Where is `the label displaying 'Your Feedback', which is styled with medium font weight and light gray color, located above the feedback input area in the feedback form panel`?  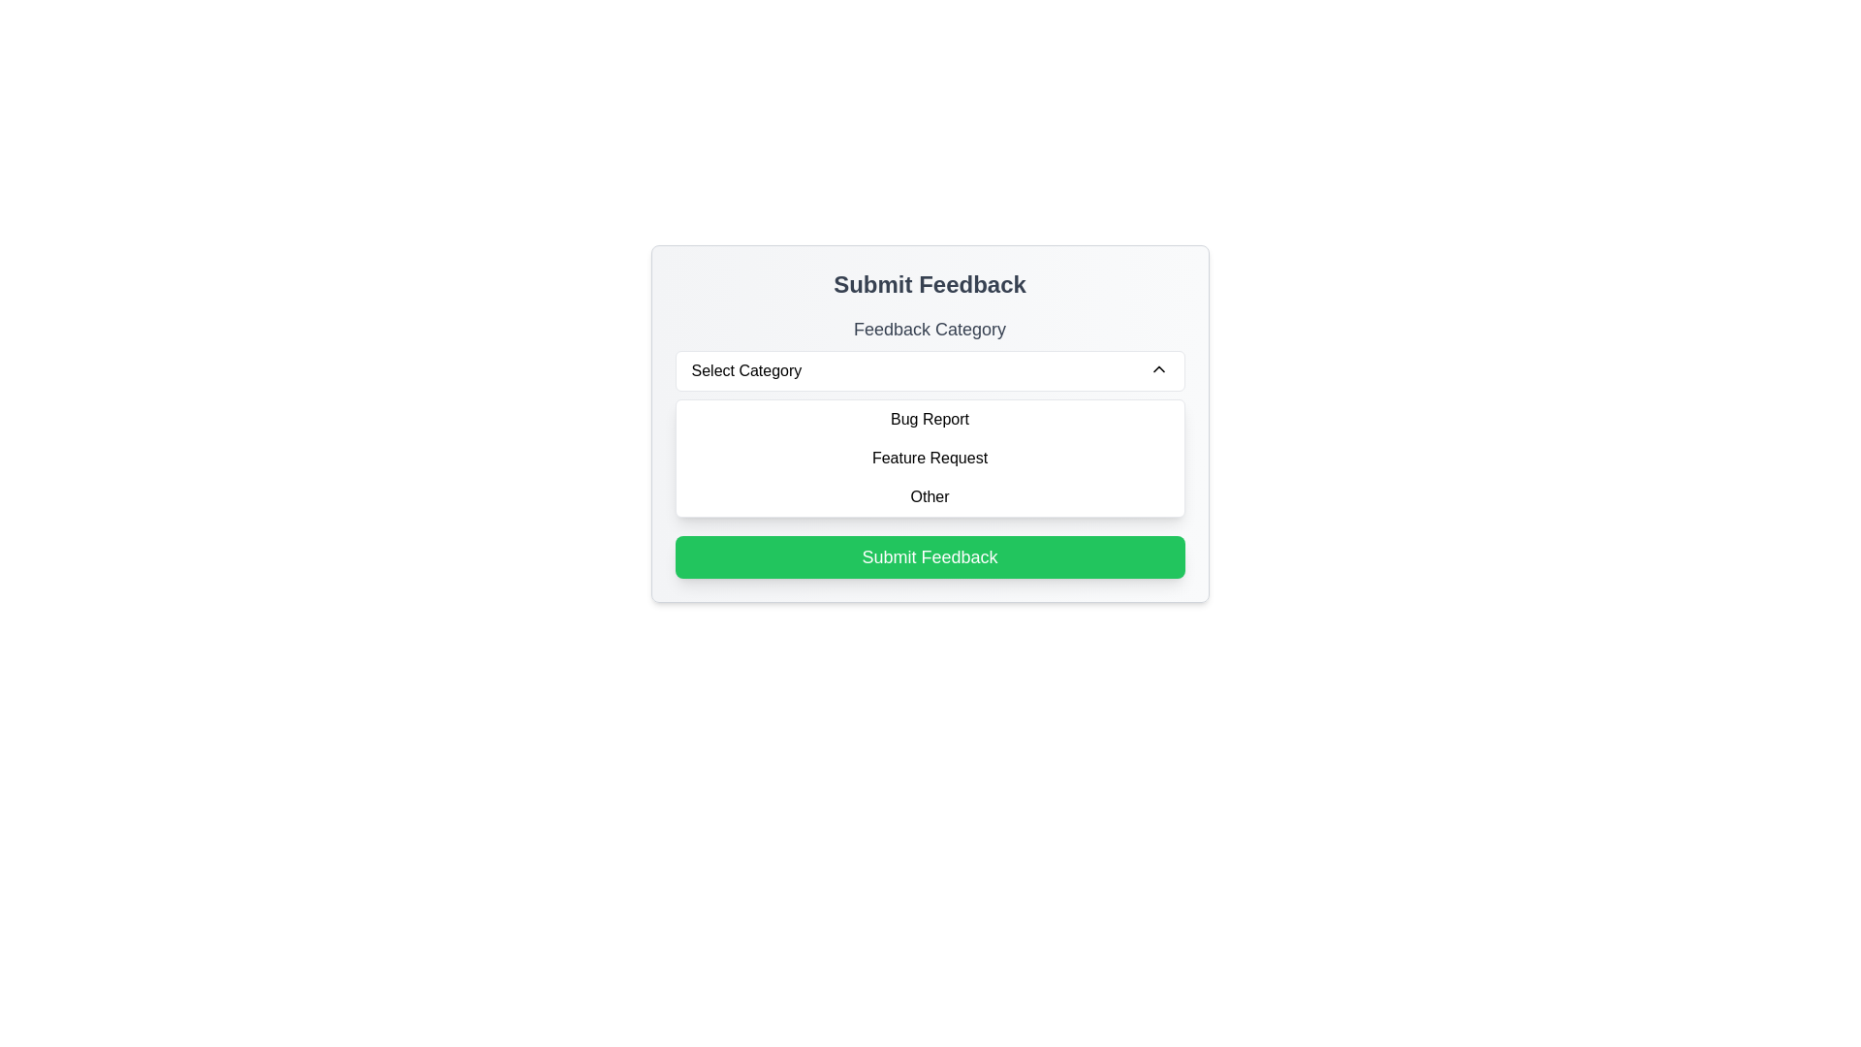 the label displaying 'Your Feedback', which is styled with medium font weight and light gray color, located above the feedback input area in the feedback form panel is located at coordinates (929, 420).